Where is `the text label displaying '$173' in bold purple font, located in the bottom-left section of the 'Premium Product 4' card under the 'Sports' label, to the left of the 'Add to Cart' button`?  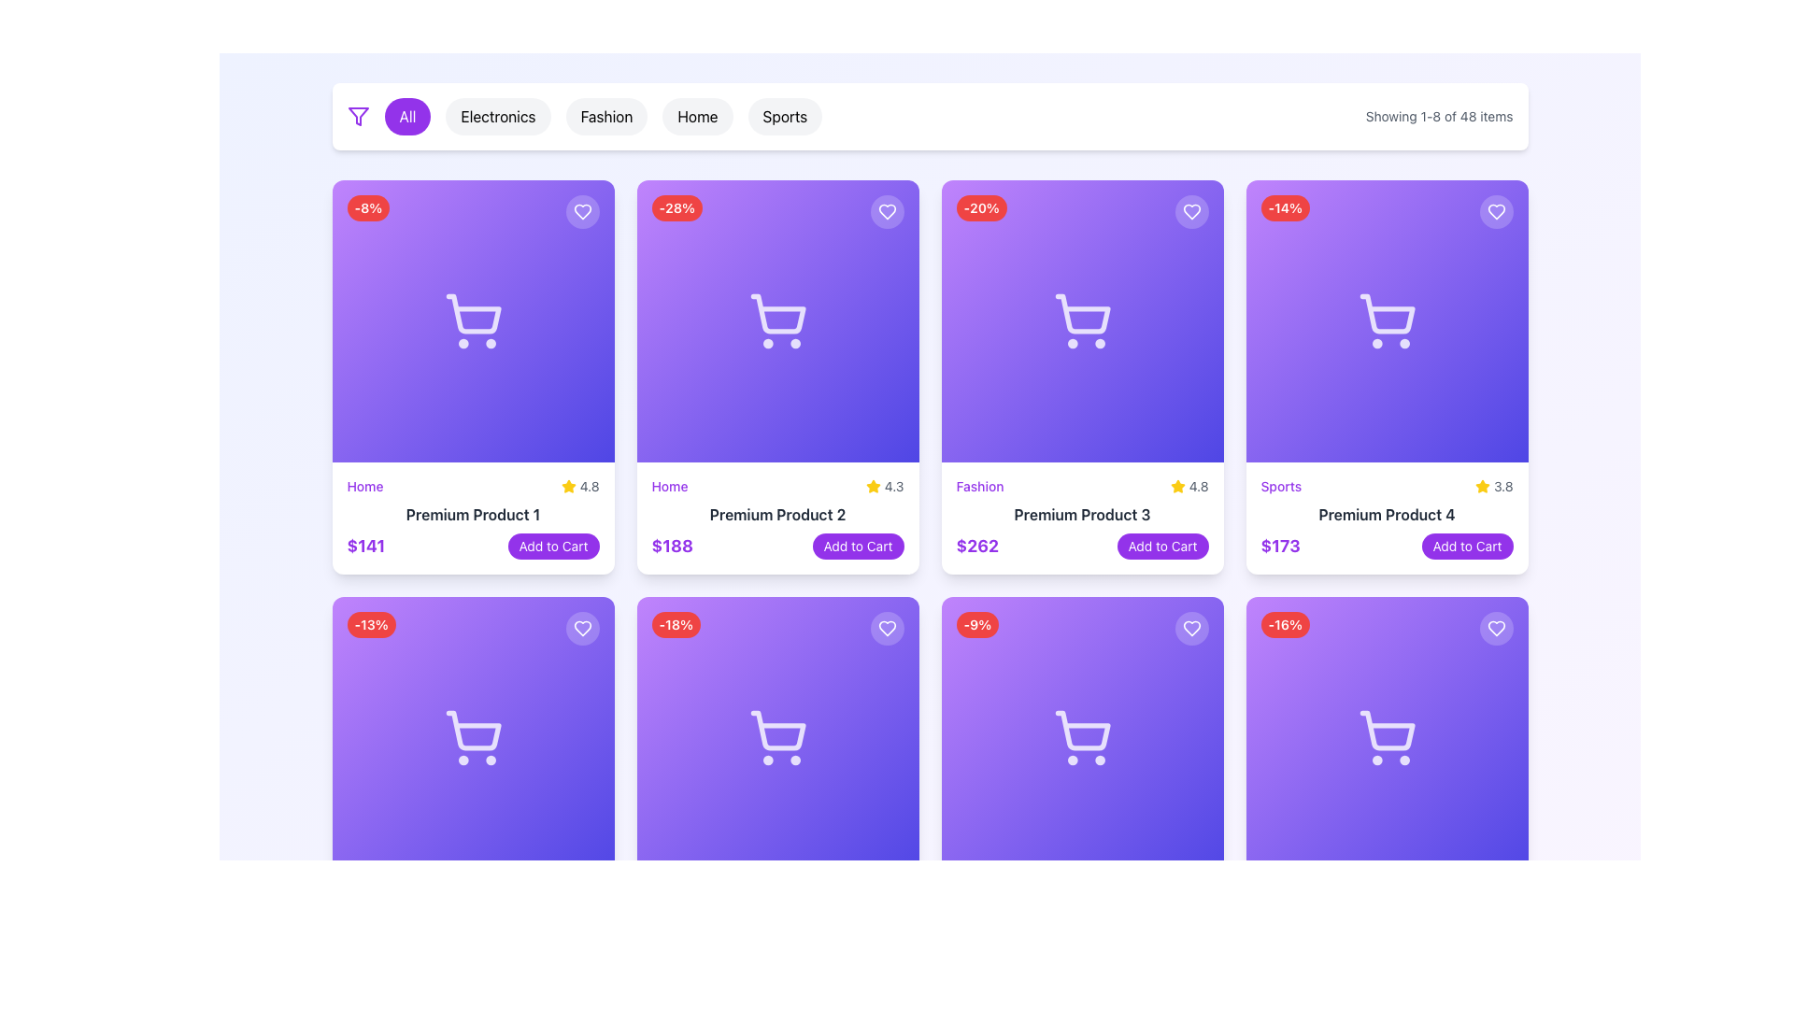 the text label displaying '$173' in bold purple font, located in the bottom-left section of the 'Premium Product 4' card under the 'Sports' label, to the left of the 'Add to Cart' button is located at coordinates (1279, 547).